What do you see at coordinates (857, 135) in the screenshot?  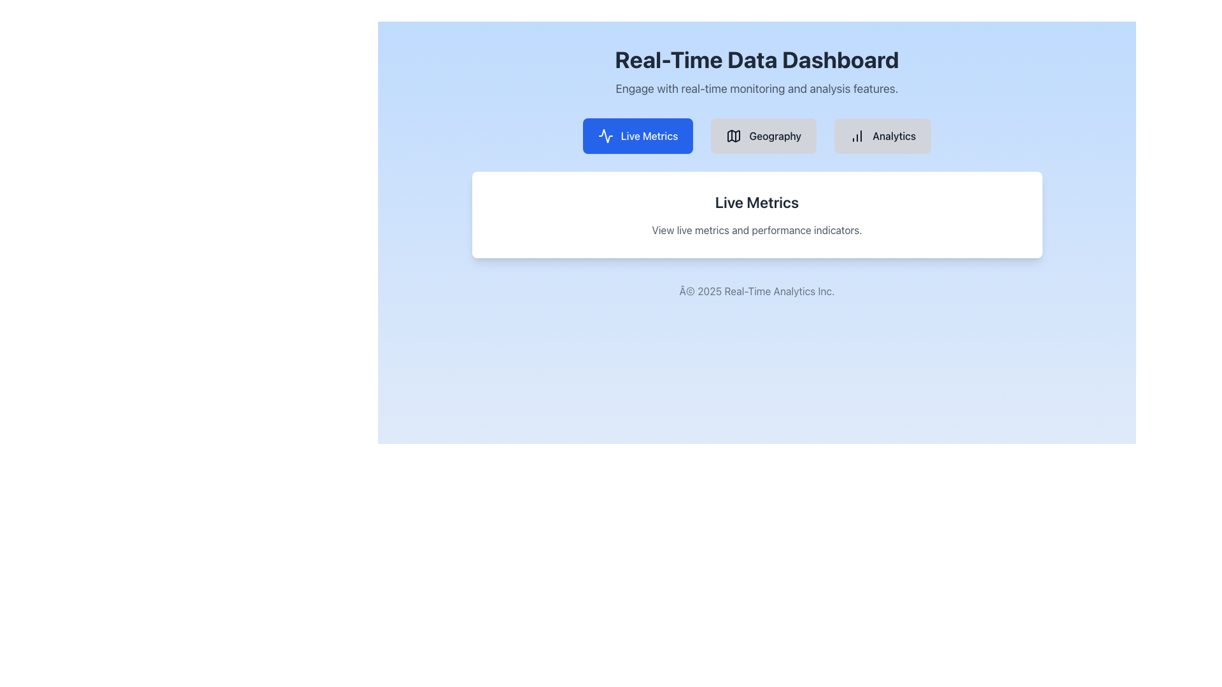 I see `the icon located to the left of the 'Analytics' button in the 'Real-Time Data Dashboard', which visually represents data analysis` at bounding box center [857, 135].